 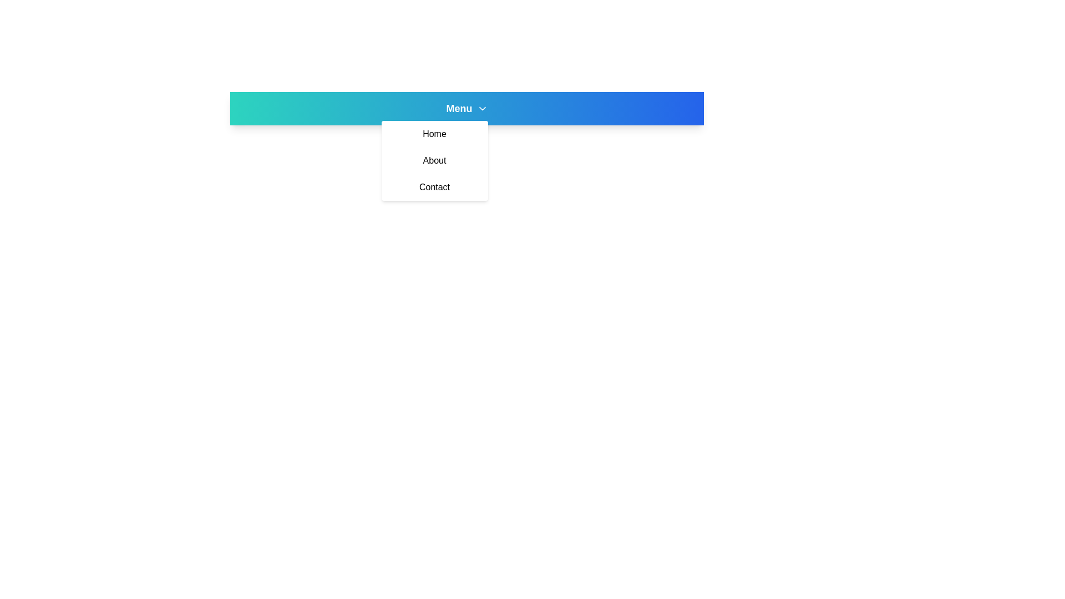 I want to click on the menu item Contact, so click(x=434, y=187).